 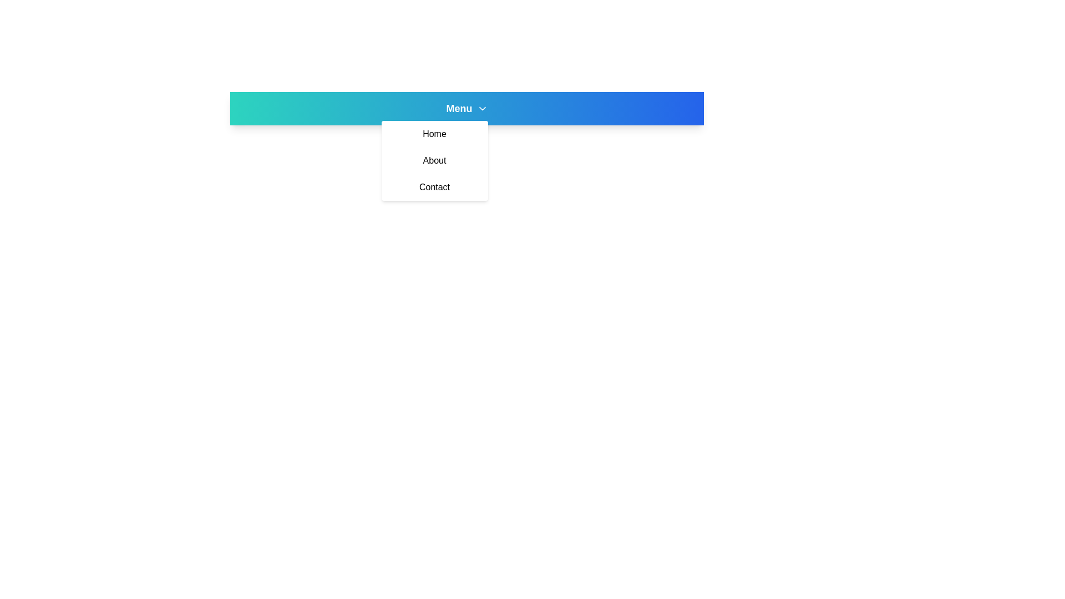 I want to click on the menu item Contact, so click(x=434, y=187).